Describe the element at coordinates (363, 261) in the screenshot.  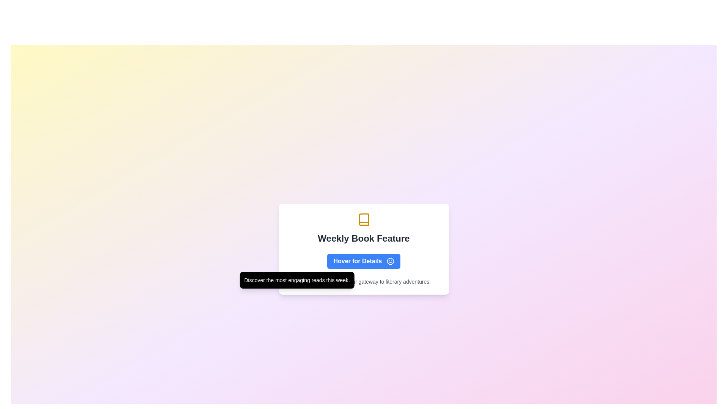
I see `the button located below the 'Weekly Book Feature' heading, which provides detailed information upon user interaction` at that location.